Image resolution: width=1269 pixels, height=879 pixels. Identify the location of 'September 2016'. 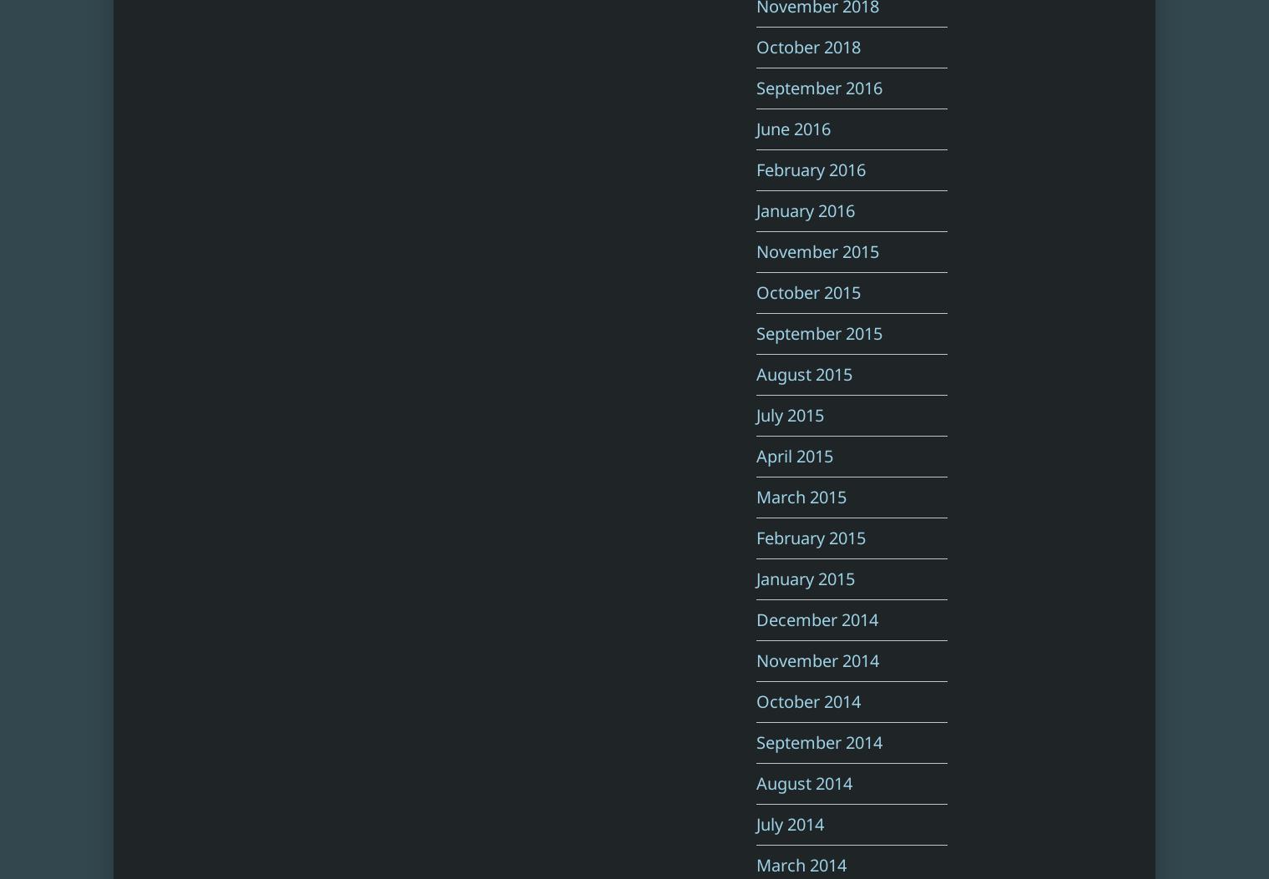
(818, 88).